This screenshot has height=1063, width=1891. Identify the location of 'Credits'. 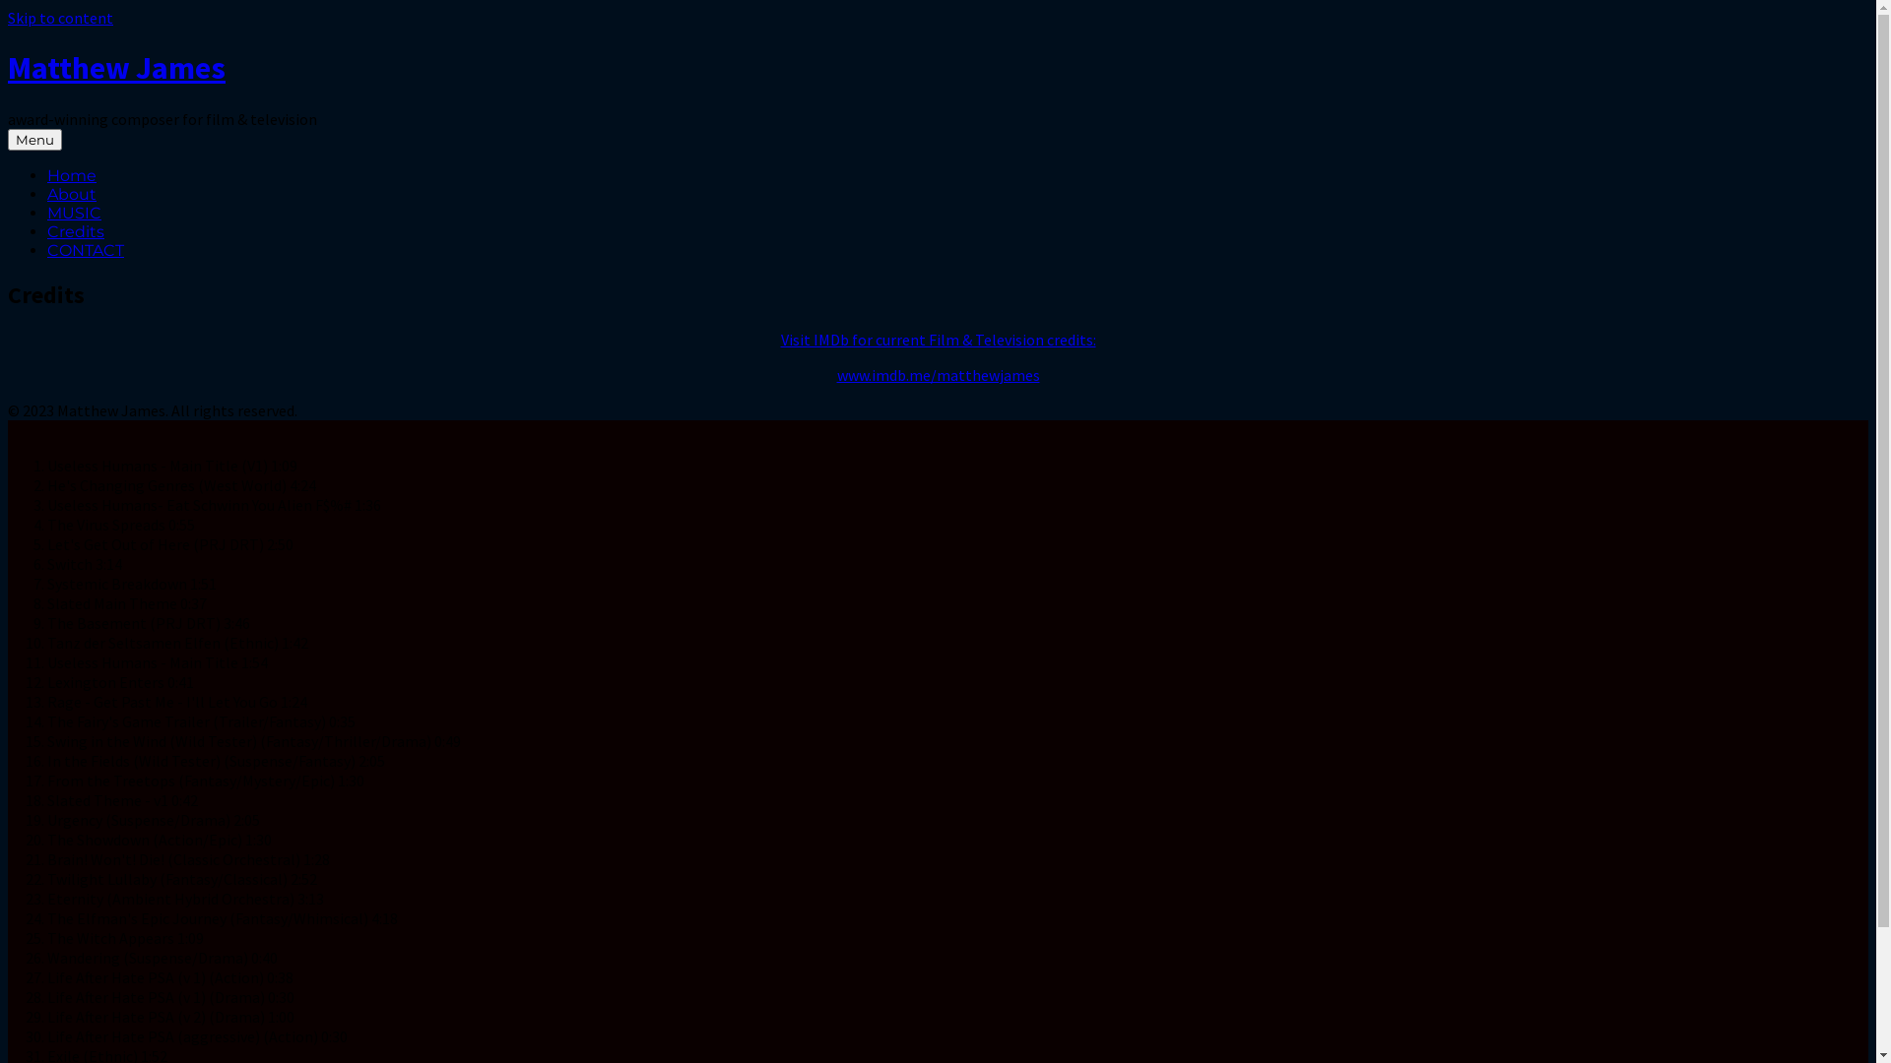
(75, 230).